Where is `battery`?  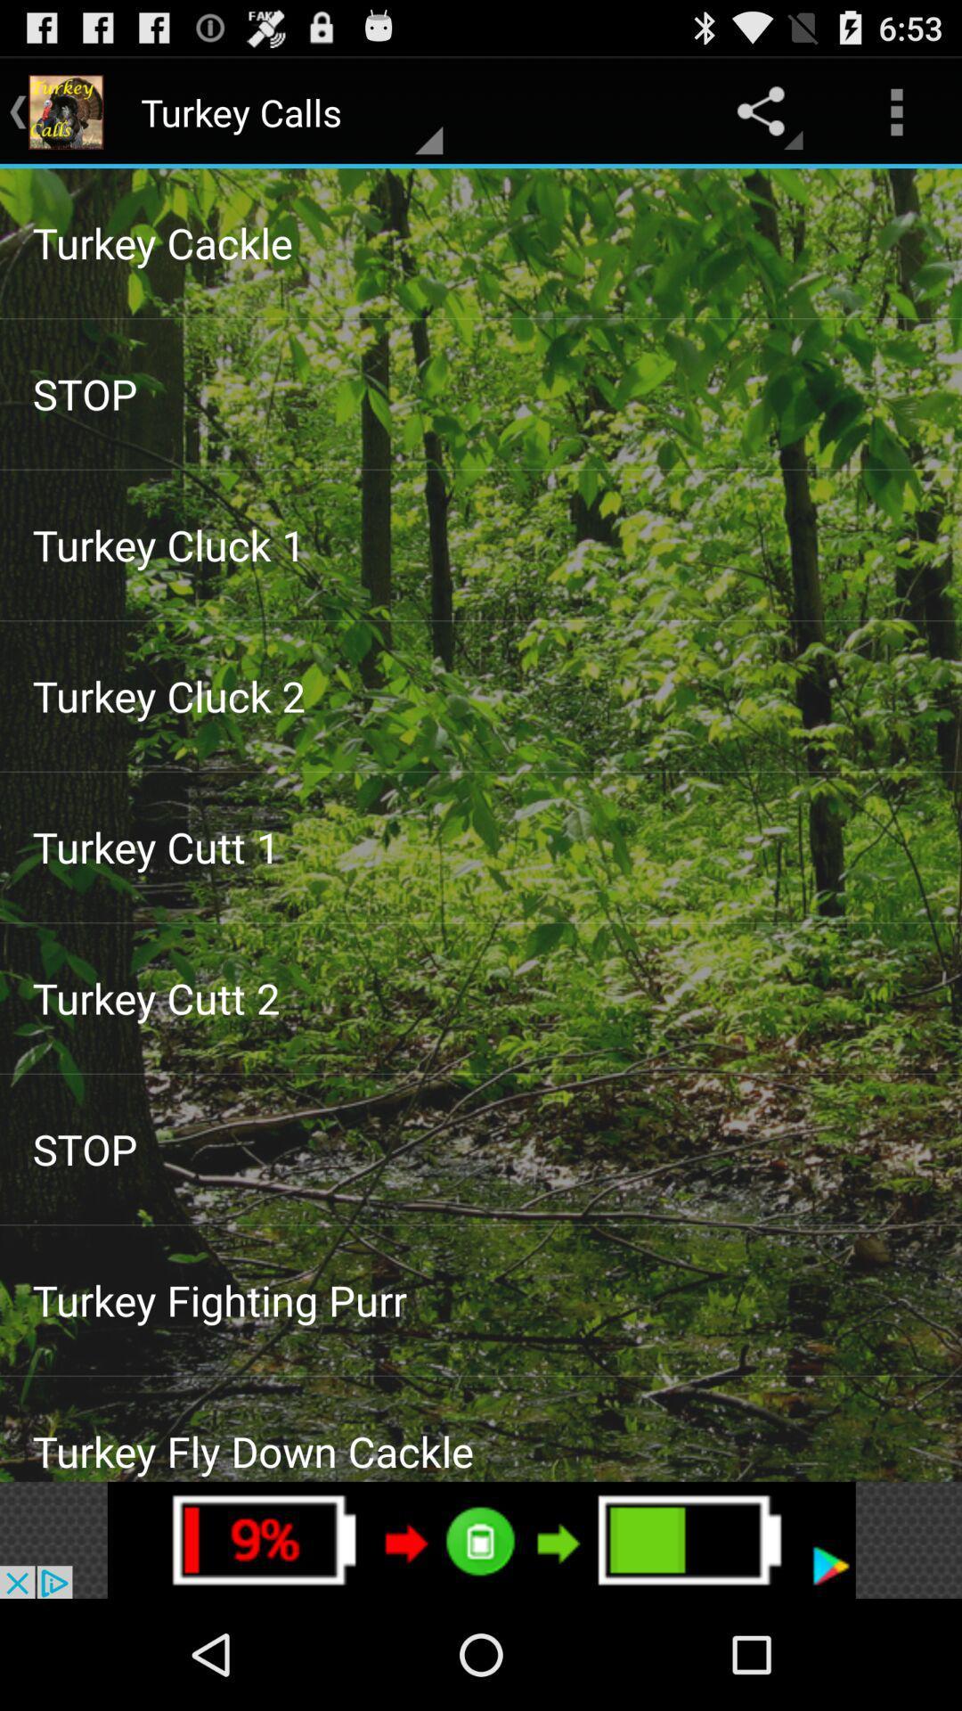
battery is located at coordinates (481, 1539).